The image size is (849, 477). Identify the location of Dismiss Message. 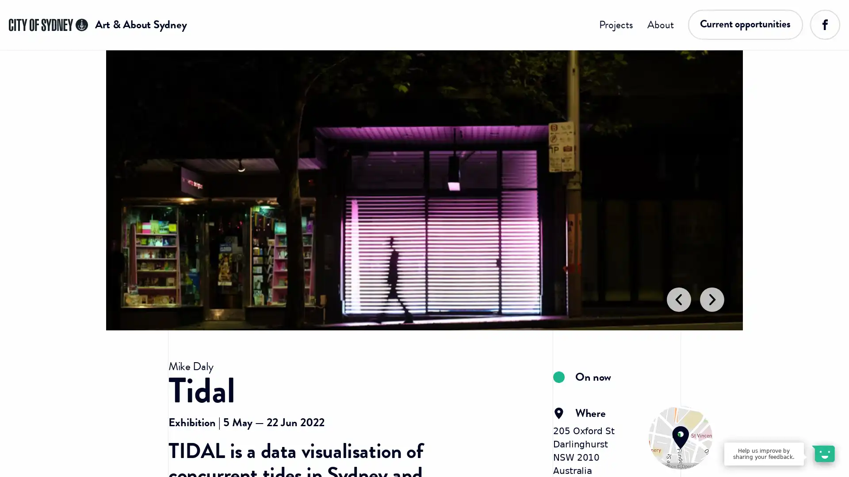
(803, 443).